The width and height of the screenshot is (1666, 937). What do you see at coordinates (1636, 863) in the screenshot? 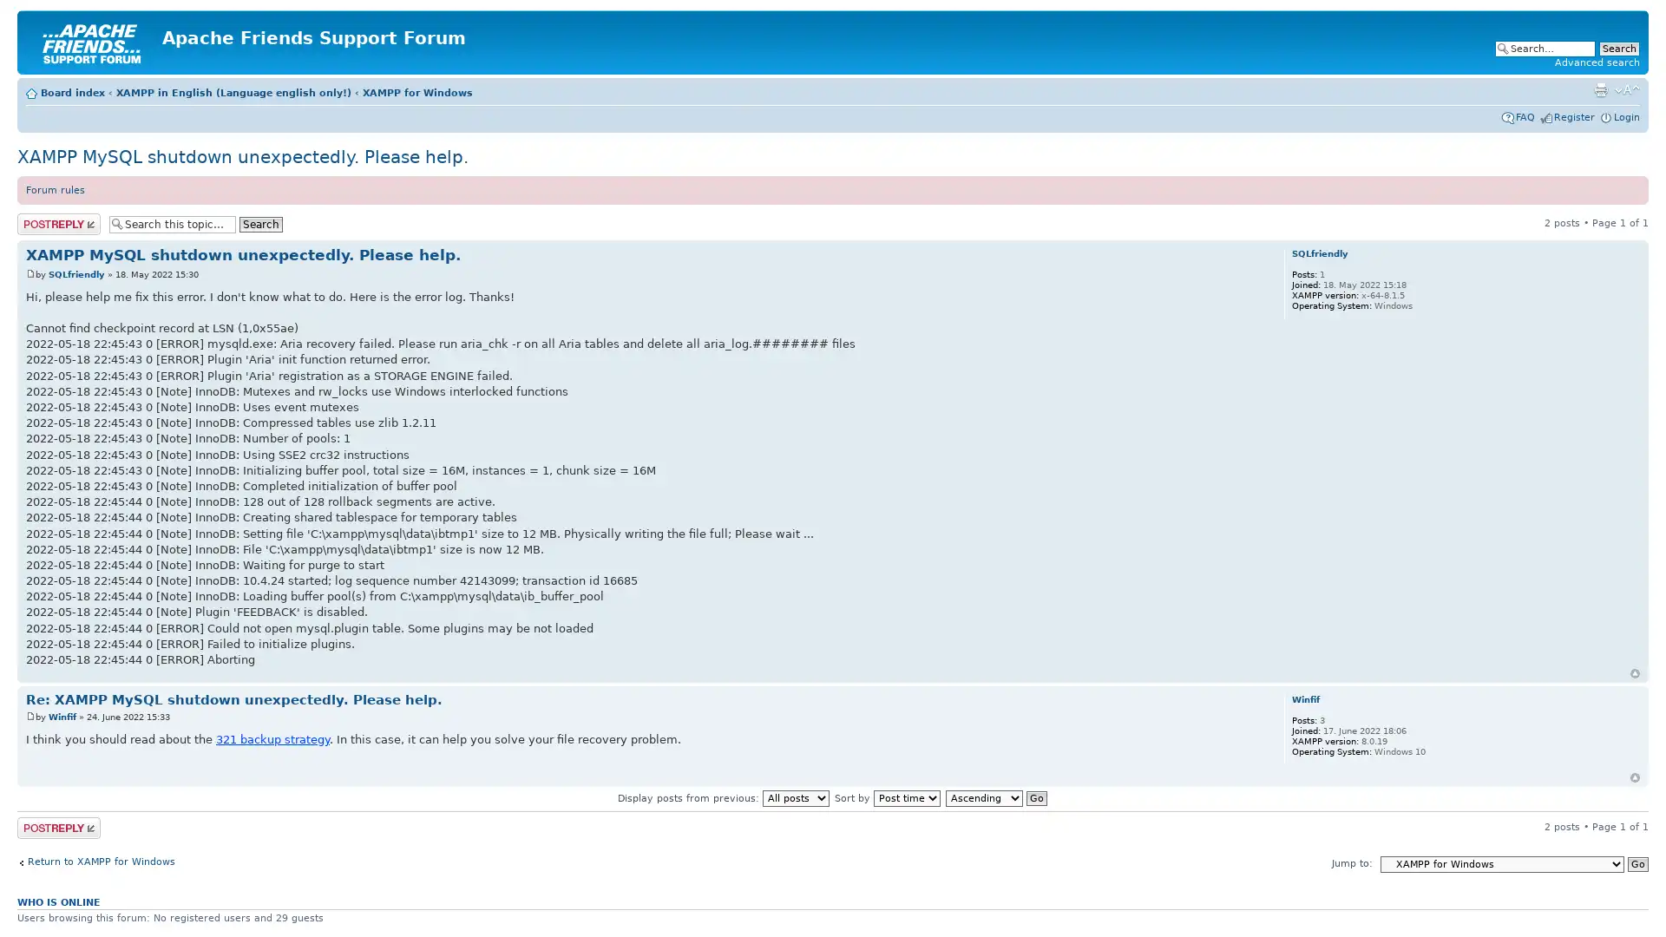
I see `Go` at bounding box center [1636, 863].